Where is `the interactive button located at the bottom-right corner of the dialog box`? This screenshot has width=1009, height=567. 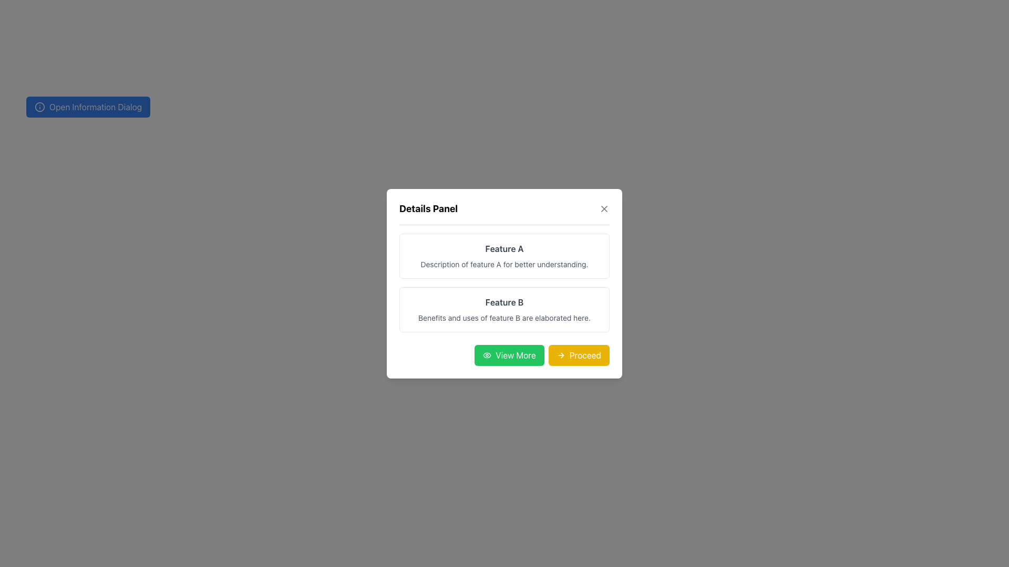 the interactive button located at the bottom-right corner of the dialog box is located at coordinates (578, 354).